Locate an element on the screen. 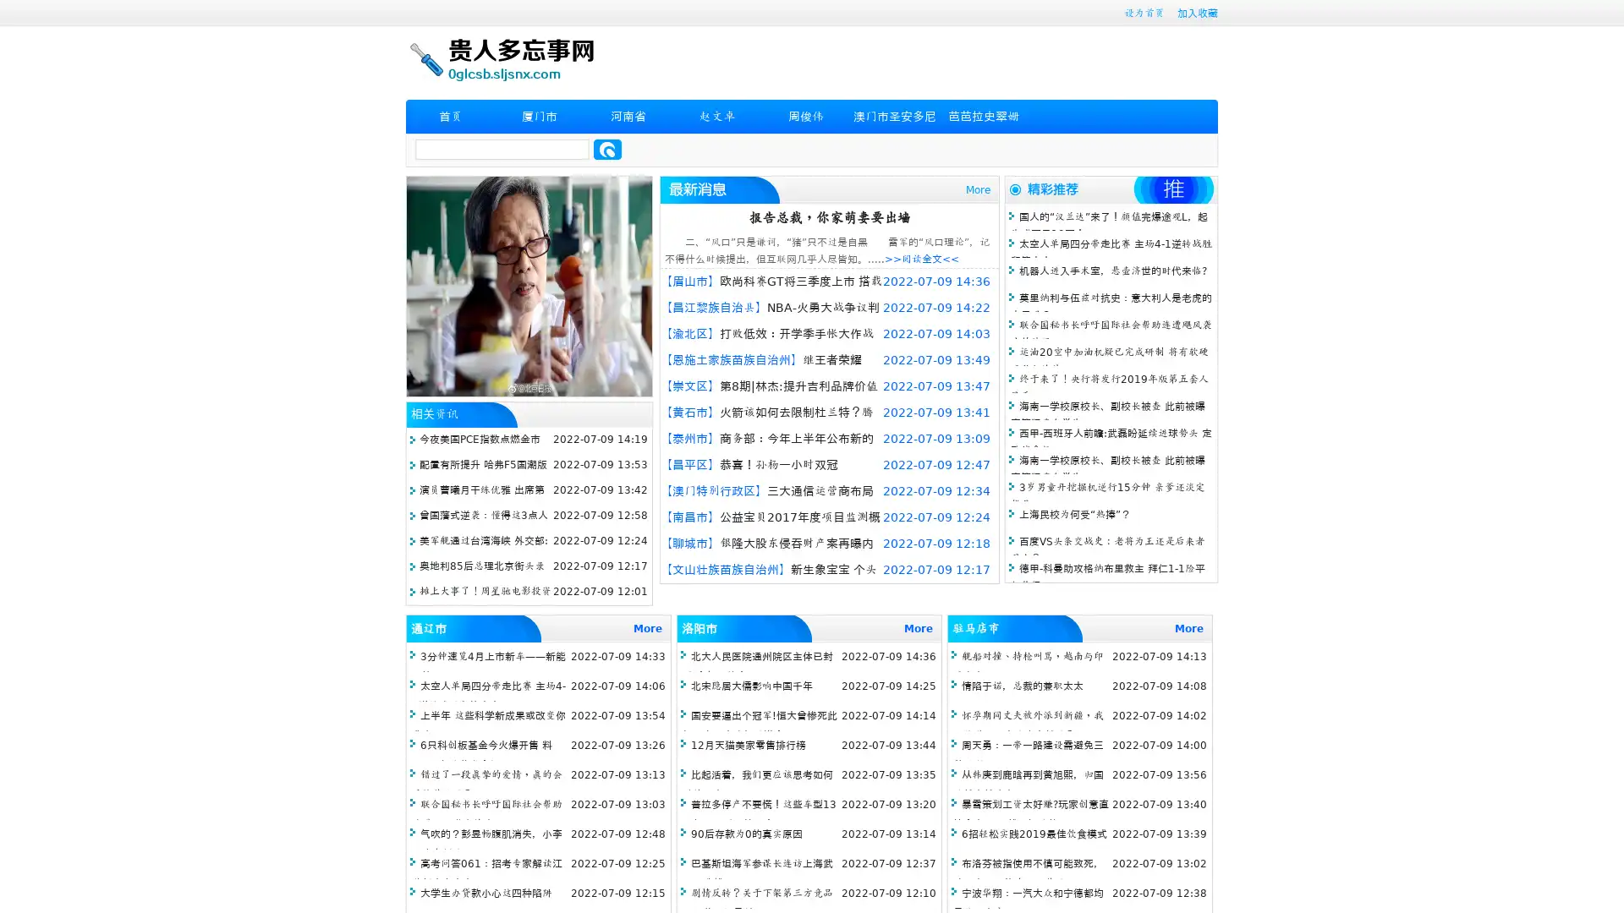 The height and width of the screenshot is (913, 1624). Search is located at coordinates (607, 149).